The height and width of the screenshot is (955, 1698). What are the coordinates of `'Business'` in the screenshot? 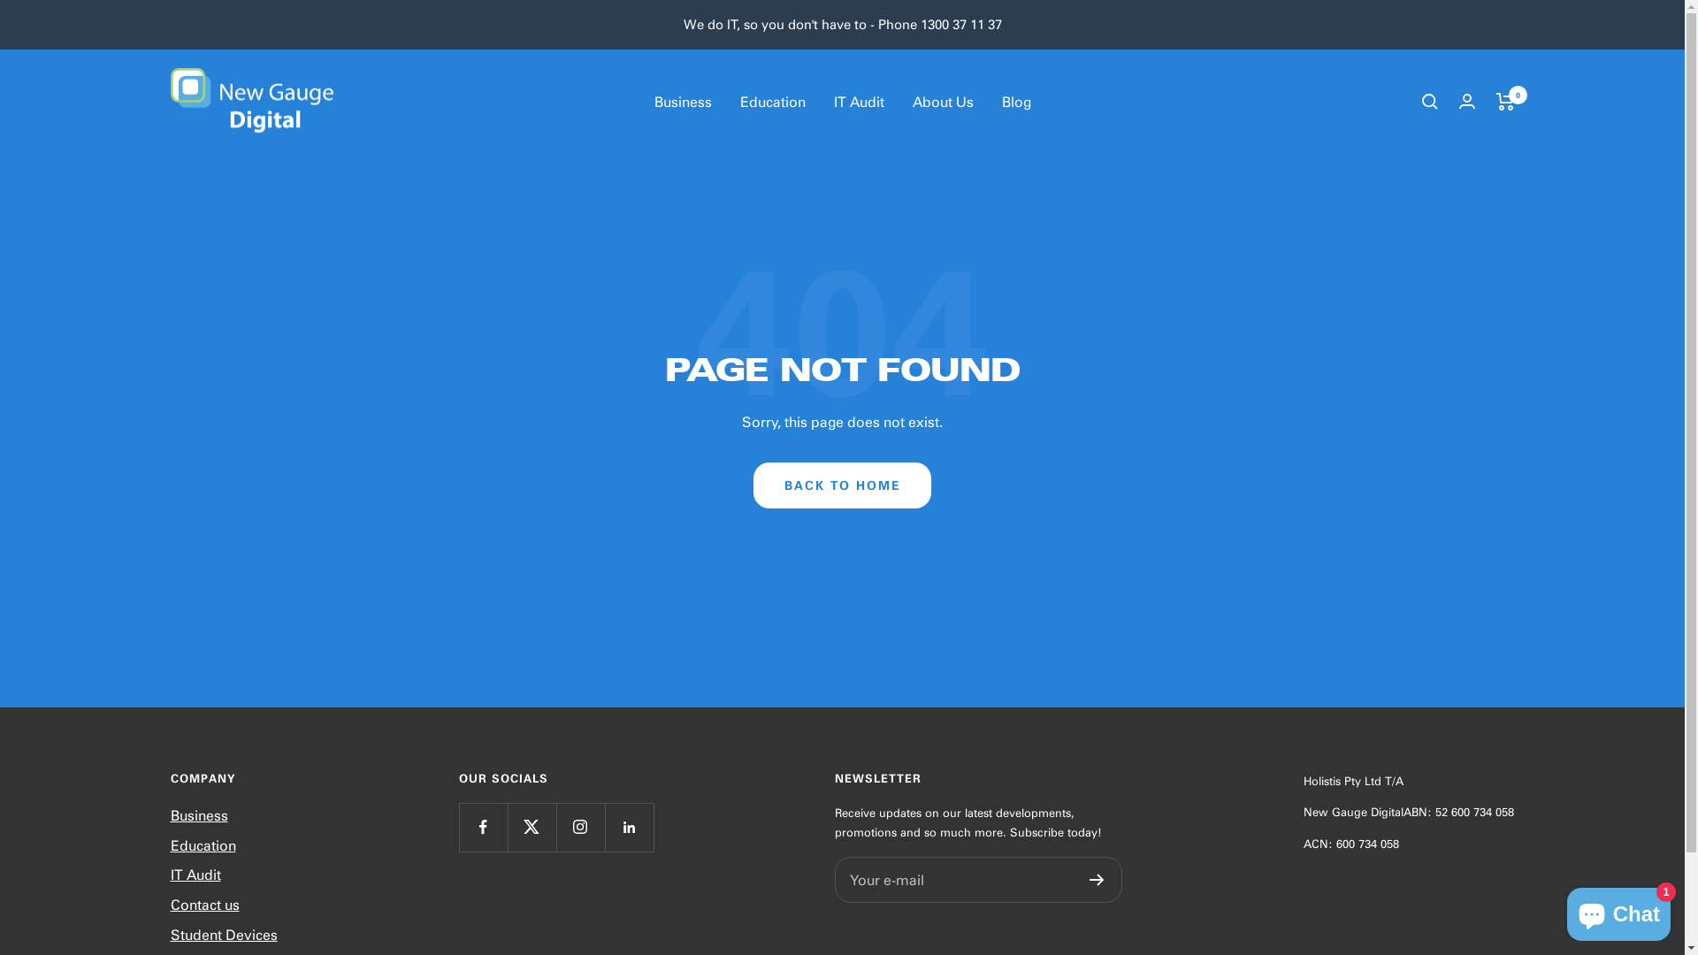 It's located at (170, 814).